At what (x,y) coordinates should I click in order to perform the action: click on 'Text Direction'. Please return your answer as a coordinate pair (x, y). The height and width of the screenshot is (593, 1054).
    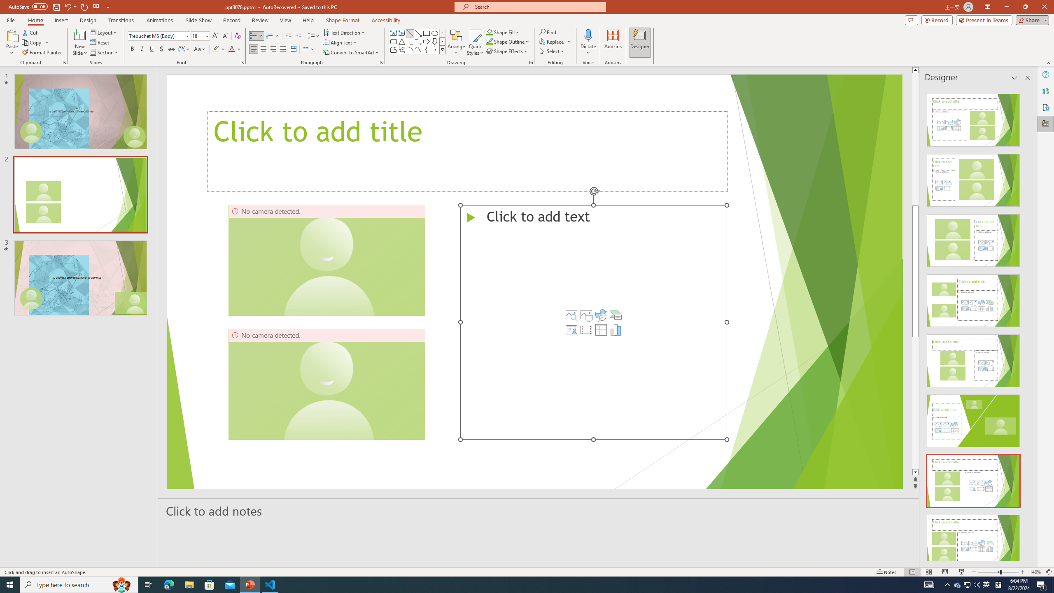
    Looking at the image, I should click on (344, 32).